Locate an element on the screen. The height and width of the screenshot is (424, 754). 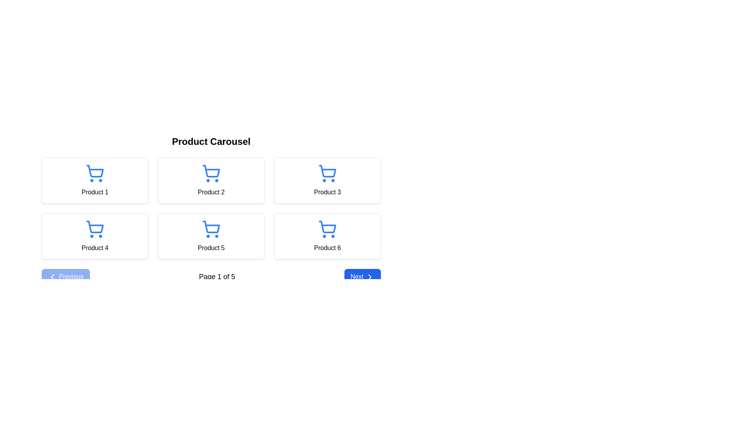
the 'Previous' button with a blue background and white text is located at coordinates (66, 276).